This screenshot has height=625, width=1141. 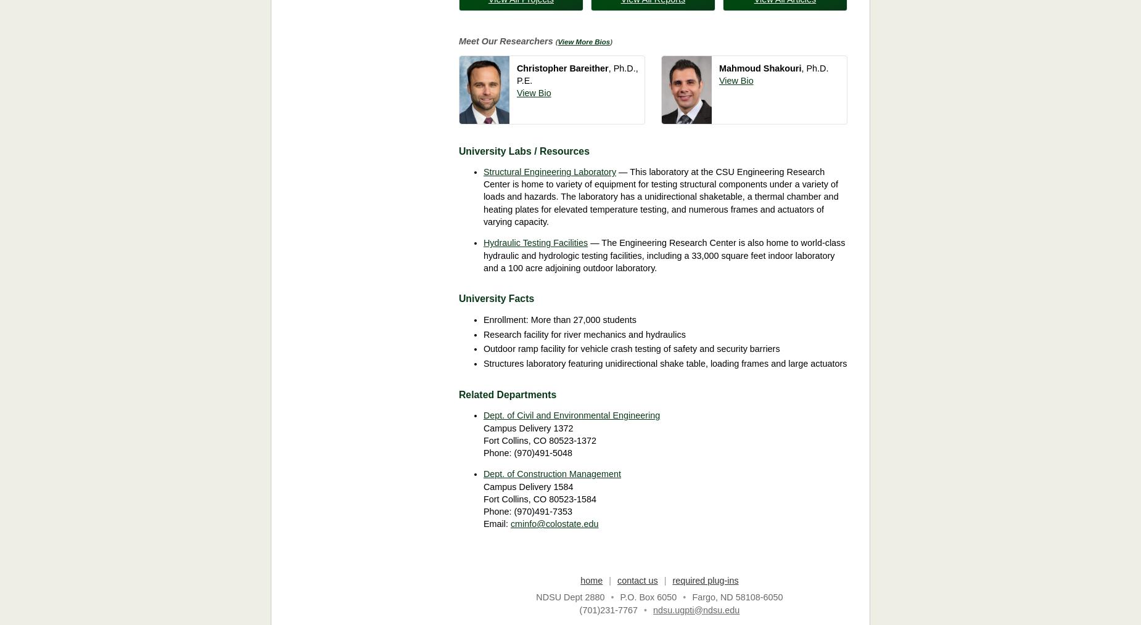 What do you see at coordinates (570, 597) in the screenshot?
I see `'NDSU Dept 2880'` at bounding box center [570, 597].